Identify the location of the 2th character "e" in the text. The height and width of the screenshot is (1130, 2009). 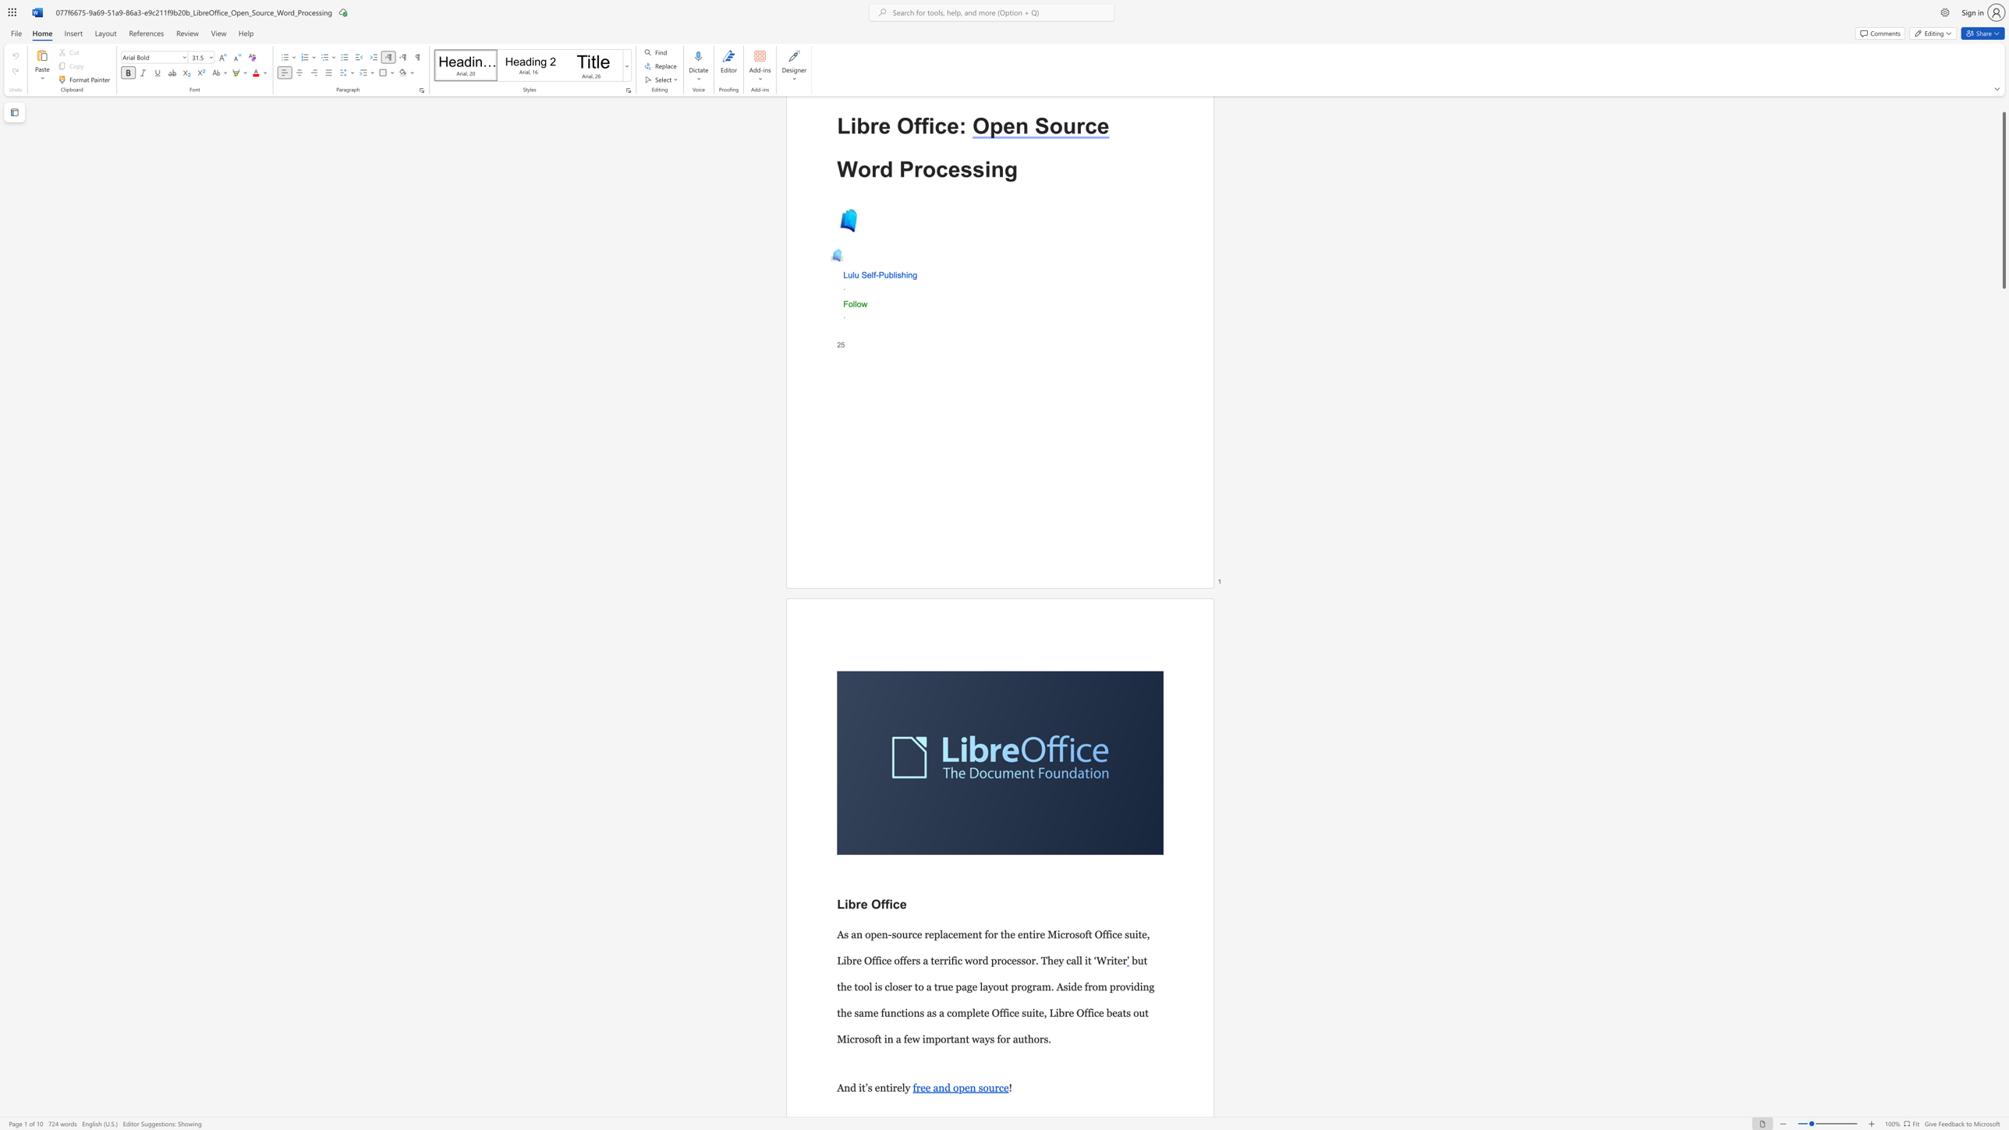
(953, 126).